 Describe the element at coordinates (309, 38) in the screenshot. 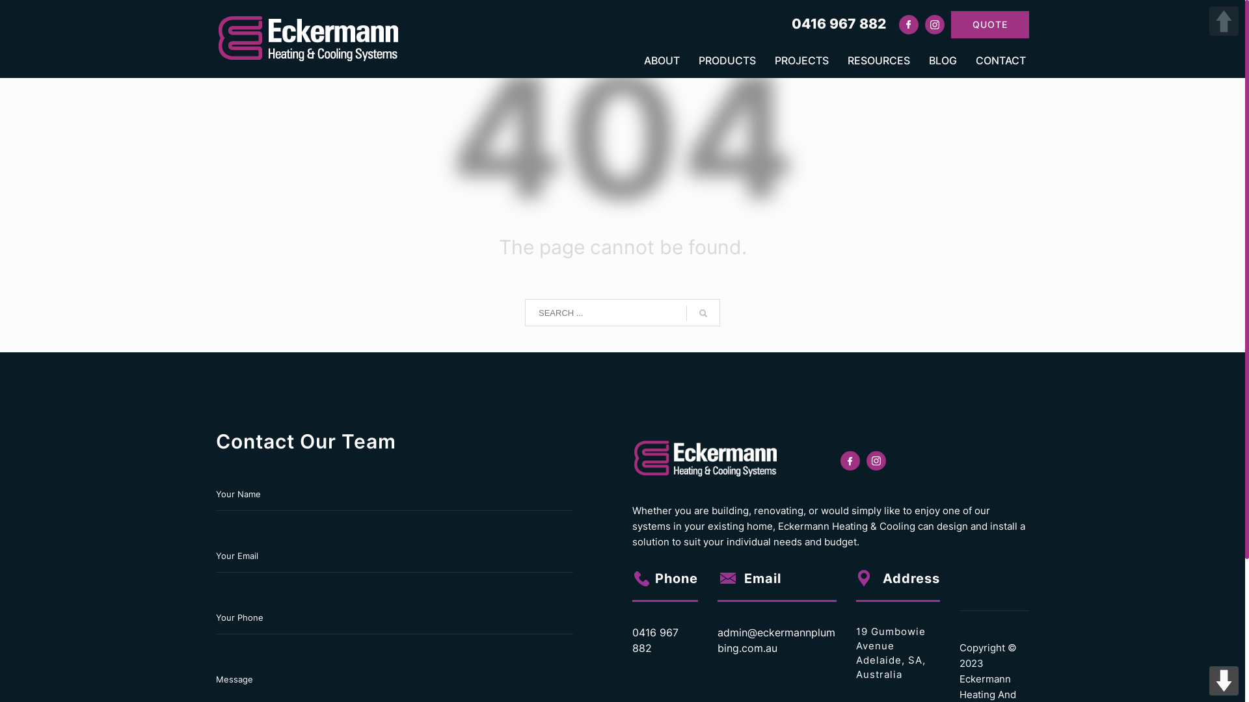

I see `'Eckermann Heating & Cooling'` at that location.